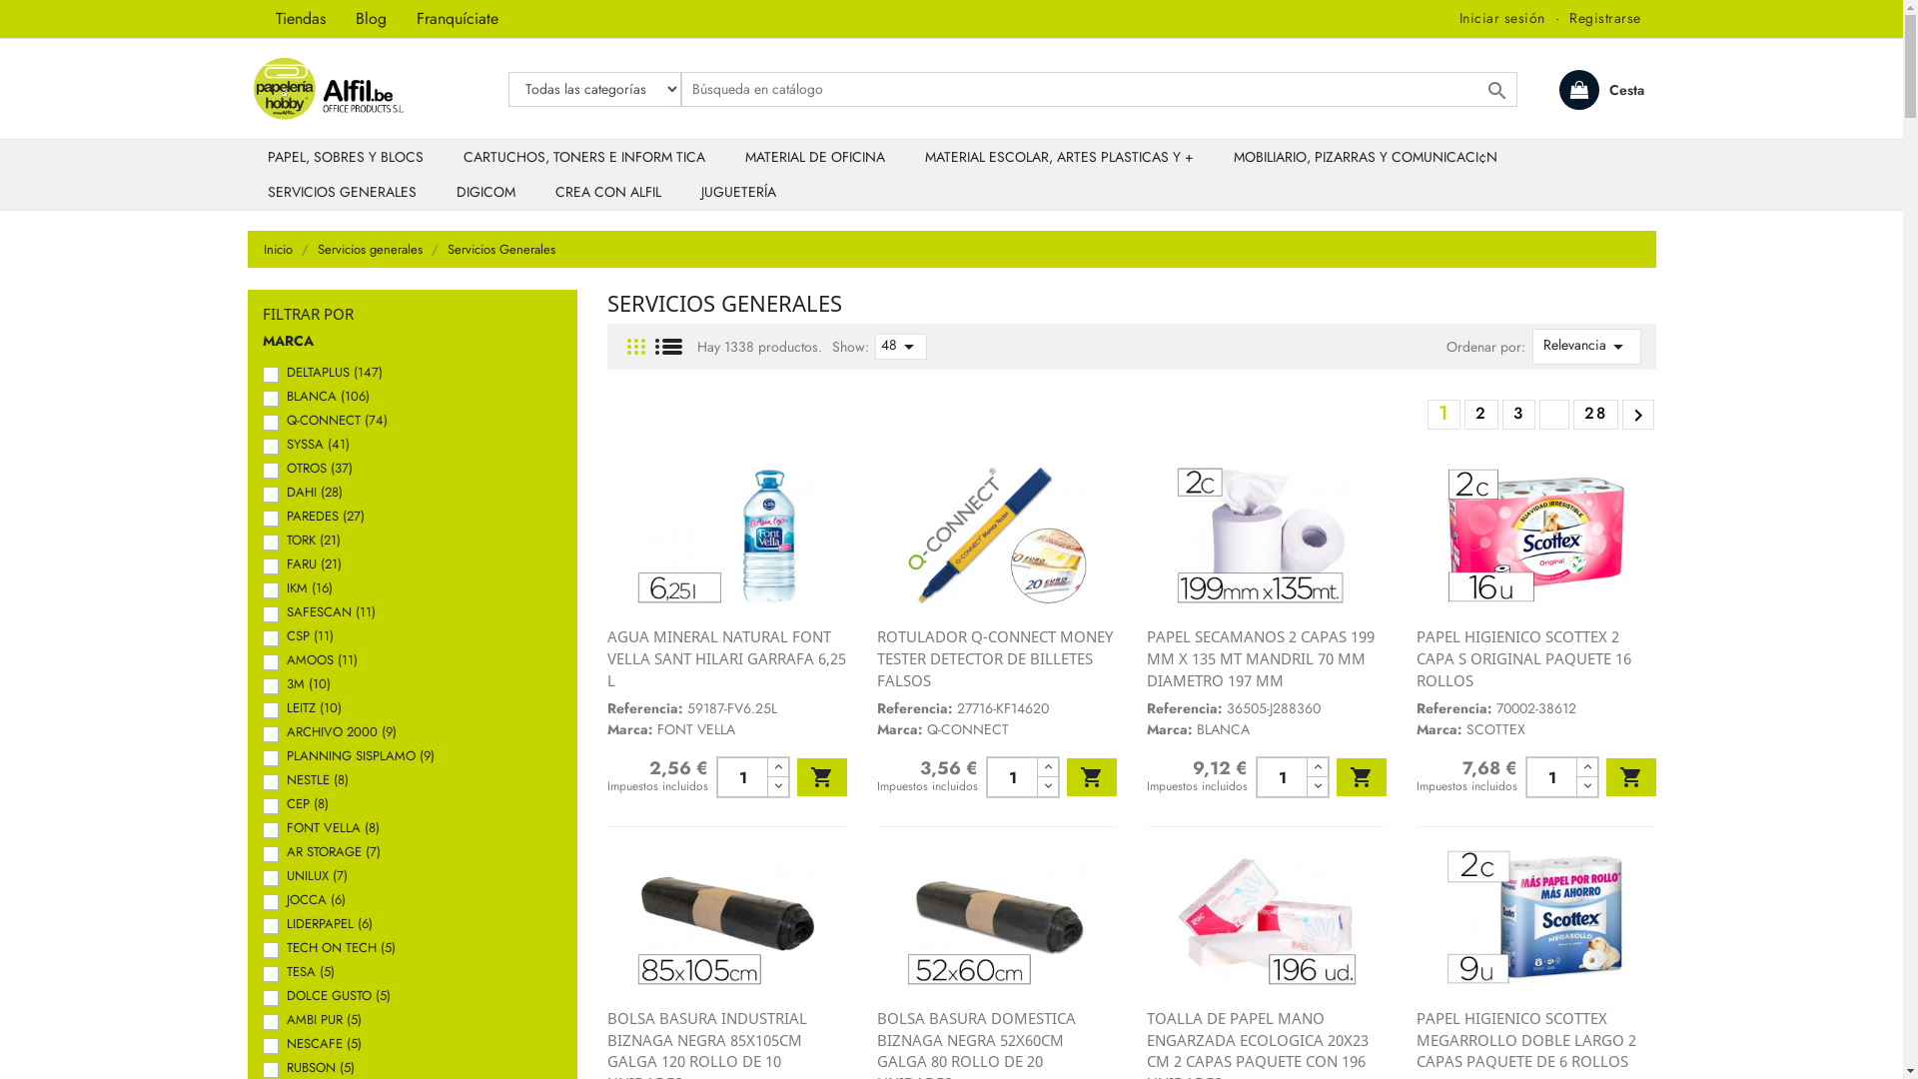 The width and height of the screenshot is (1918, 1079). I want to click on 'Servicios generales', so click(372, 248).